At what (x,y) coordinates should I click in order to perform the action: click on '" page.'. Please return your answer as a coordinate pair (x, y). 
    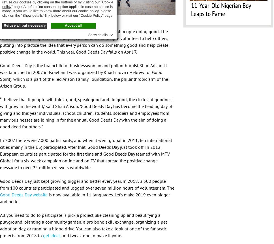
    Looking at the image, I should click on (107, 15).